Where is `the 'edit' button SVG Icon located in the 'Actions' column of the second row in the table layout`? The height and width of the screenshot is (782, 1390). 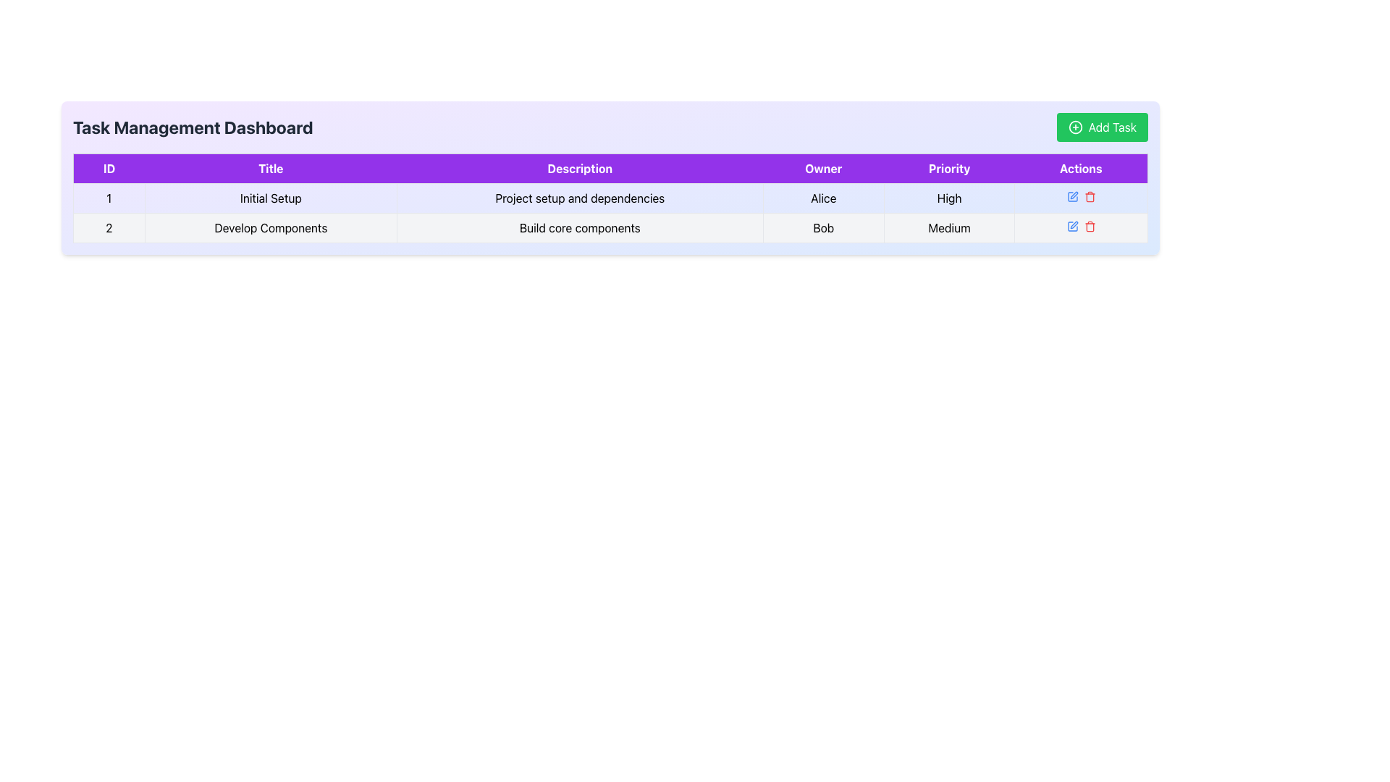
the 'edit' button SVG Icon located in the 'Actions' column of the second row in the table layout is located at coordinates (1074, 195).